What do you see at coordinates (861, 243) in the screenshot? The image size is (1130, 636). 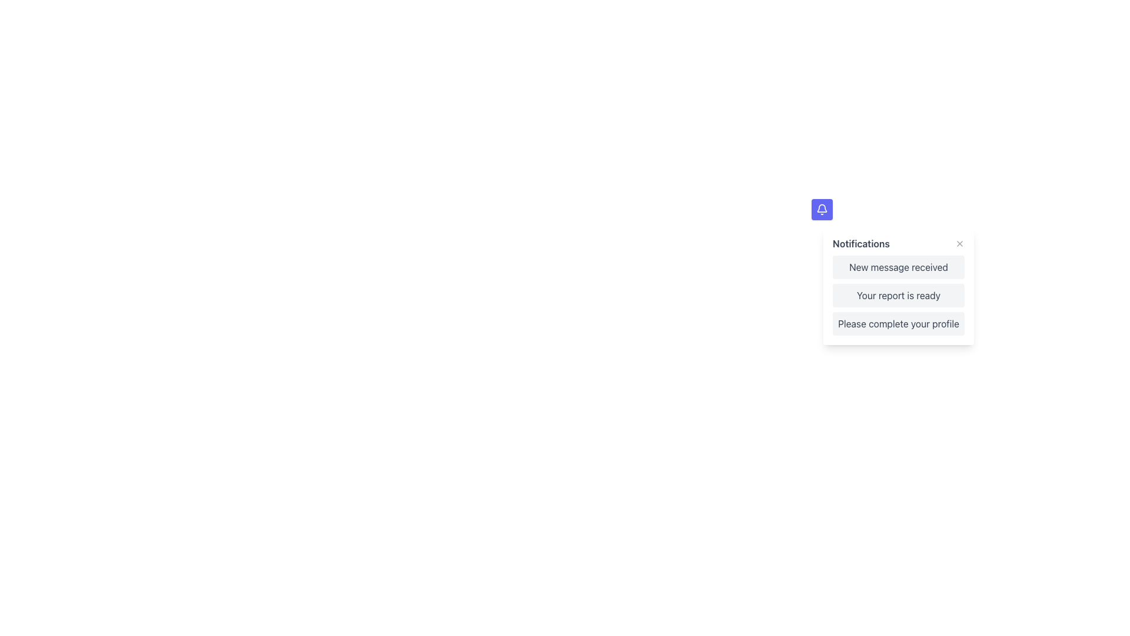 I see `the 'Notifications' text label, which is a bold, dark grey header in the notification menu interface` at bounding box center [861, 243].